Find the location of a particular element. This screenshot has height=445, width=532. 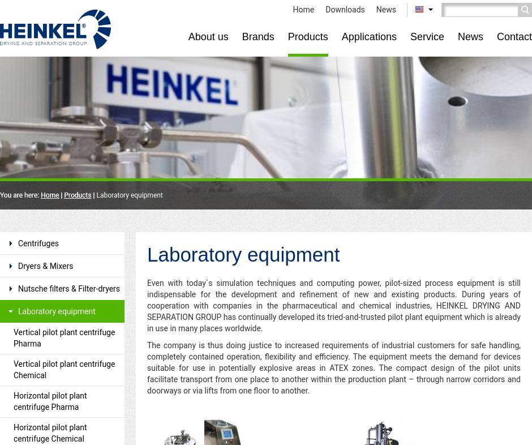

'Downloads' is located at coordinates (325, 8).